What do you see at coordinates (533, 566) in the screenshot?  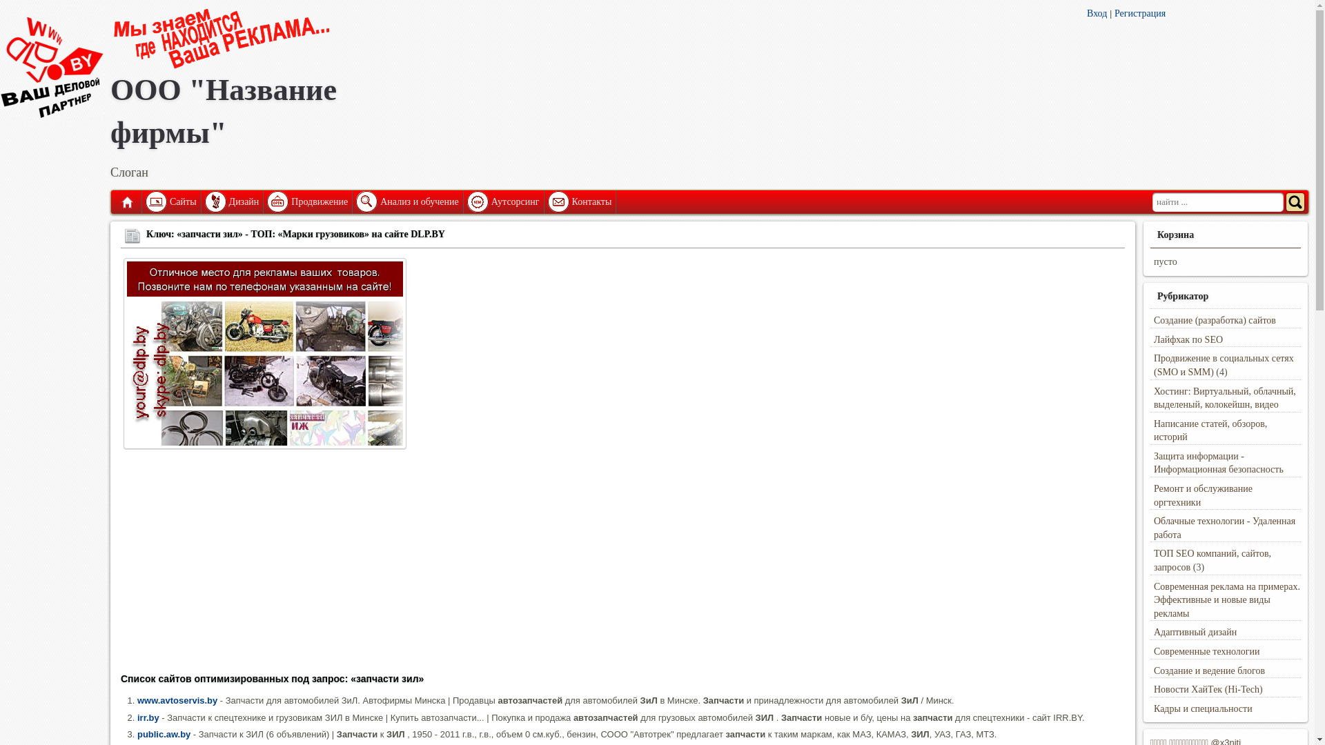 I see `'Advertisement'` at bounding box center [533, 566].